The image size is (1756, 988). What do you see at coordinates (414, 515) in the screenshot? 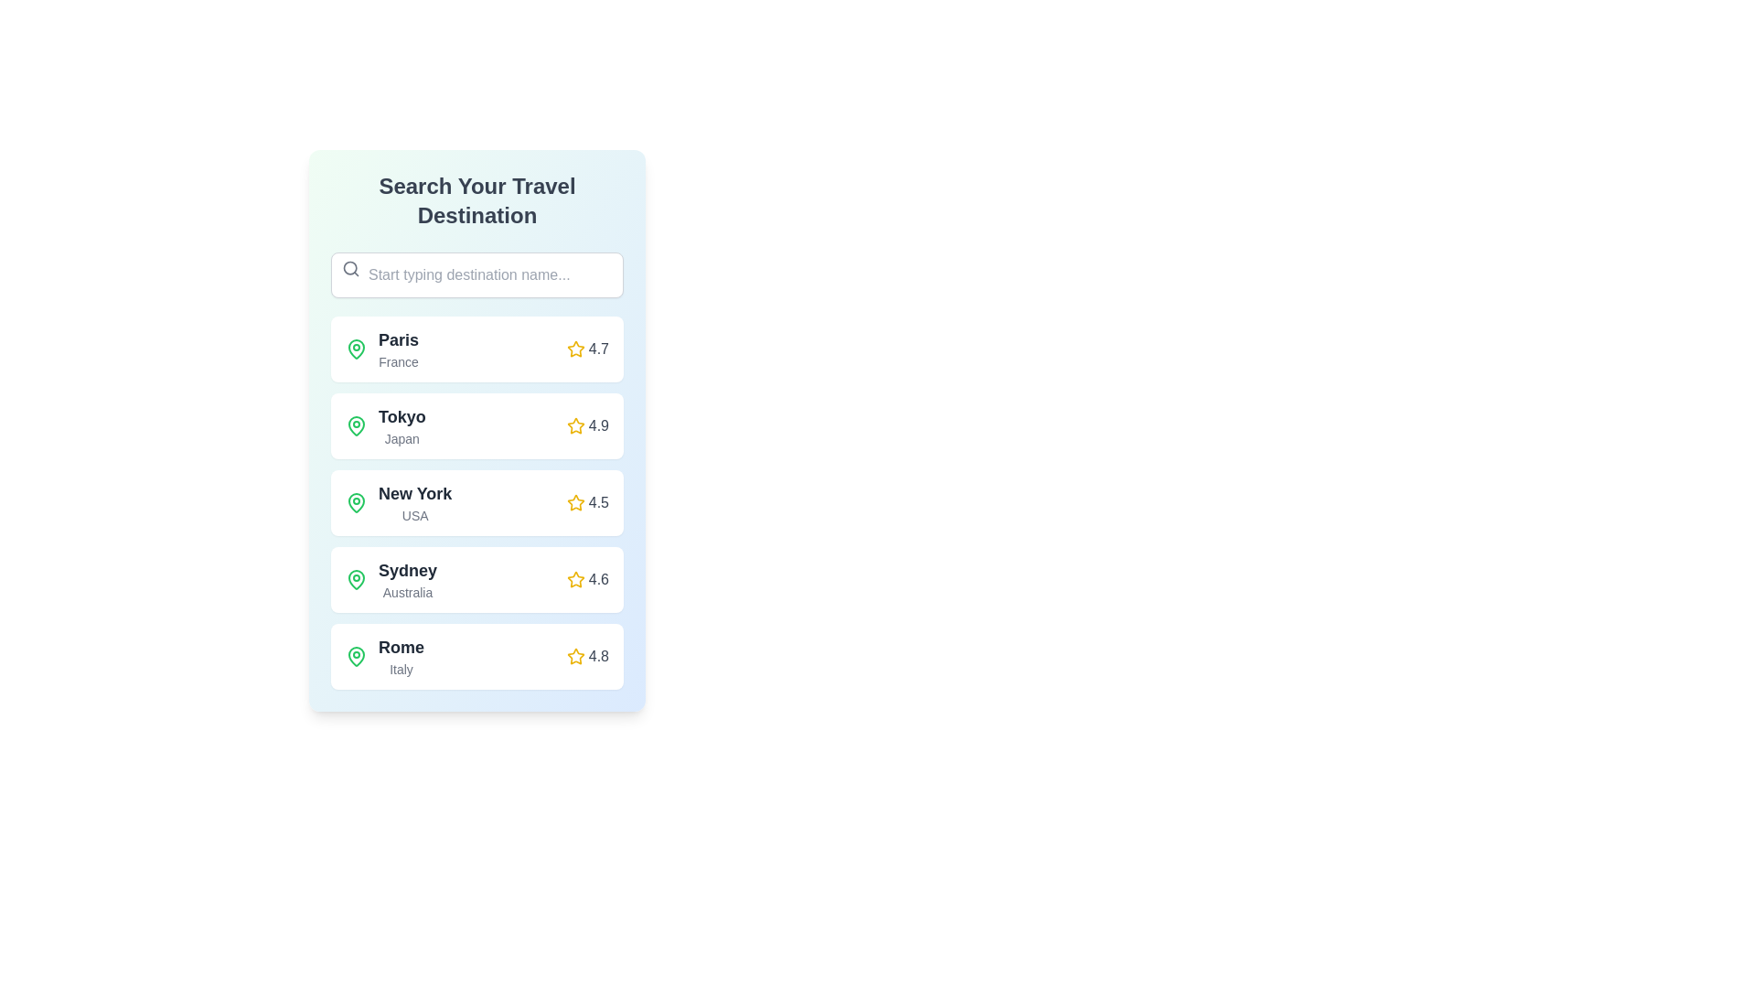
I see `the text label displaying 'USA', which is positioned below the heading 'New York' in the vertical list of destinations` at bounding box center [414, 515].